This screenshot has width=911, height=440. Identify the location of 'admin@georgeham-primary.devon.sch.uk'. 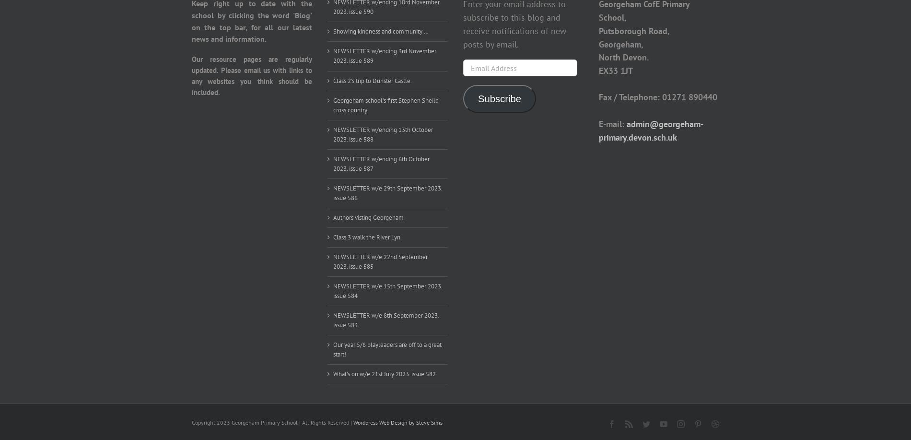
(650, 130).